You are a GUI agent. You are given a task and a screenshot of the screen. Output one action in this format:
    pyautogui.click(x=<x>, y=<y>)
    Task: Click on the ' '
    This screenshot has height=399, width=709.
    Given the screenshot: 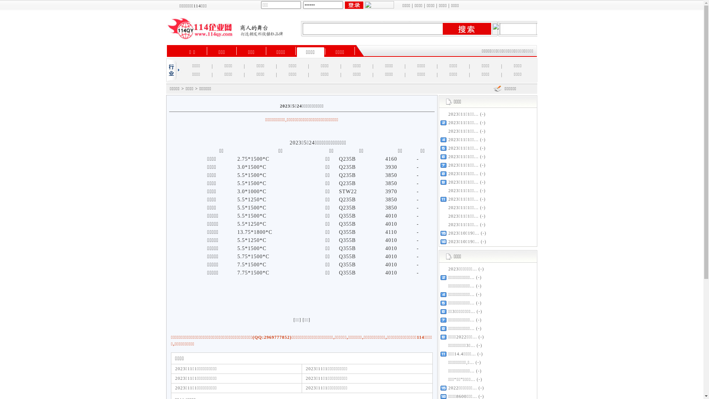 What is the action you would take?
    pyautogui.click(x=466, y=28)
    